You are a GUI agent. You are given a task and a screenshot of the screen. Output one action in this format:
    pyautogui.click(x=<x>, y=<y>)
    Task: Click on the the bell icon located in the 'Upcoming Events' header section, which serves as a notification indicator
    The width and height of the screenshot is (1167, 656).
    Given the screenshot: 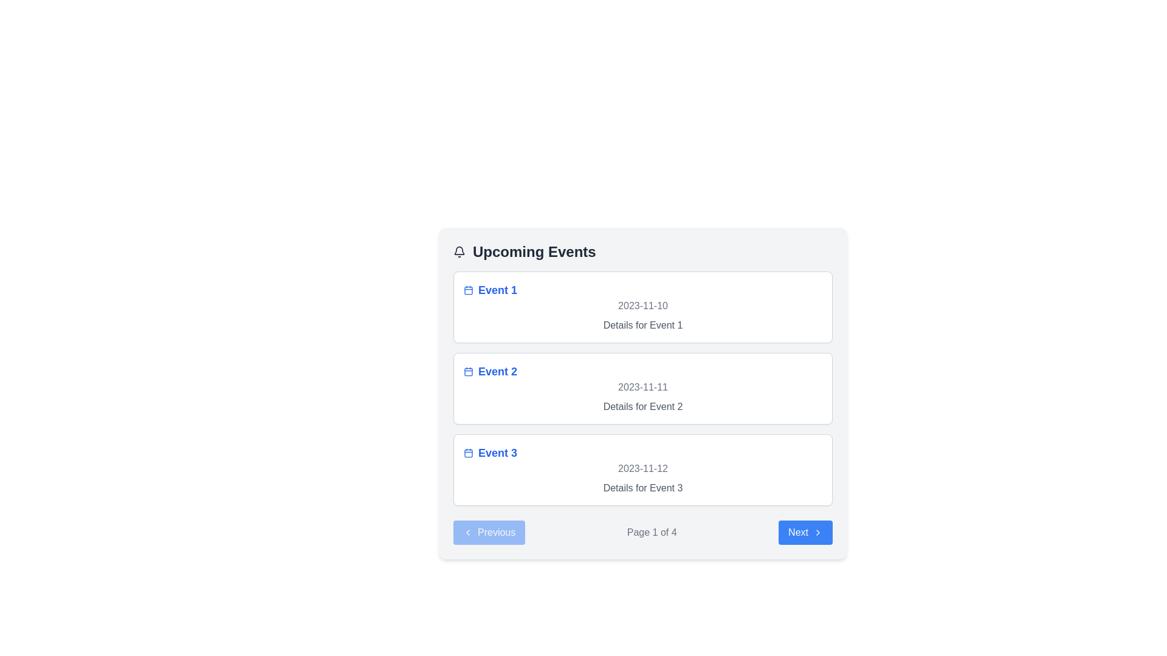 What is the action you would take?
    pyautogui.click(x=458, y=251)
    